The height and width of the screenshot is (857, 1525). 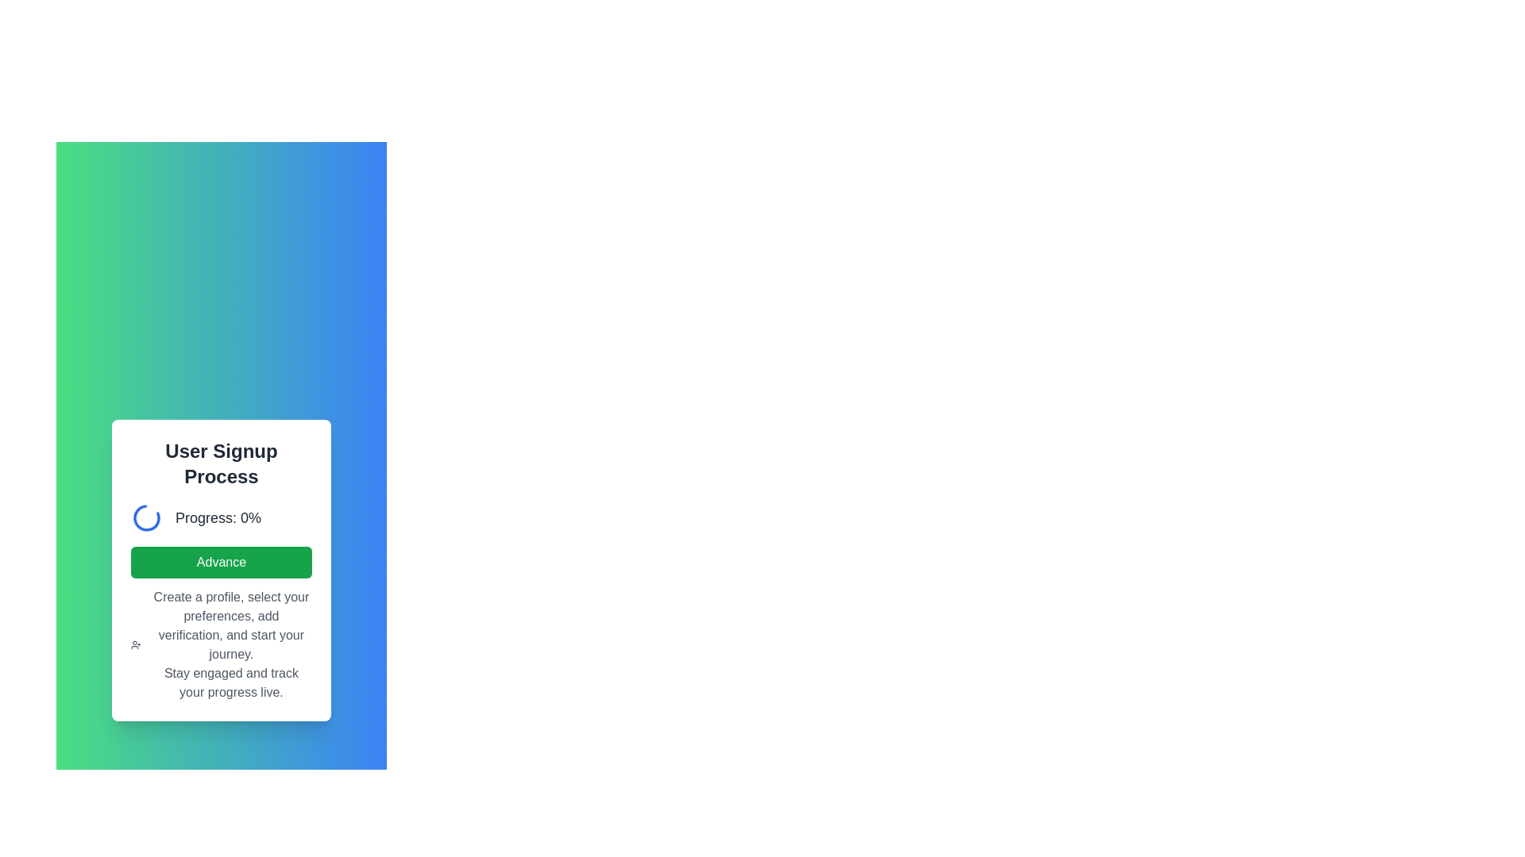 I want to click on the 'Advance' button located within the 'User Signup Process' card, positioned below the 'Progress: 0%' indicator to proceed to the next step, so click(x=220, y=562).